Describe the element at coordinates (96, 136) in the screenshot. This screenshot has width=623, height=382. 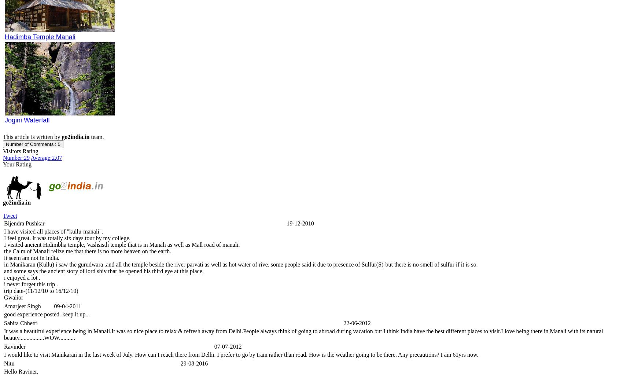
I see `'team.'` at that location.